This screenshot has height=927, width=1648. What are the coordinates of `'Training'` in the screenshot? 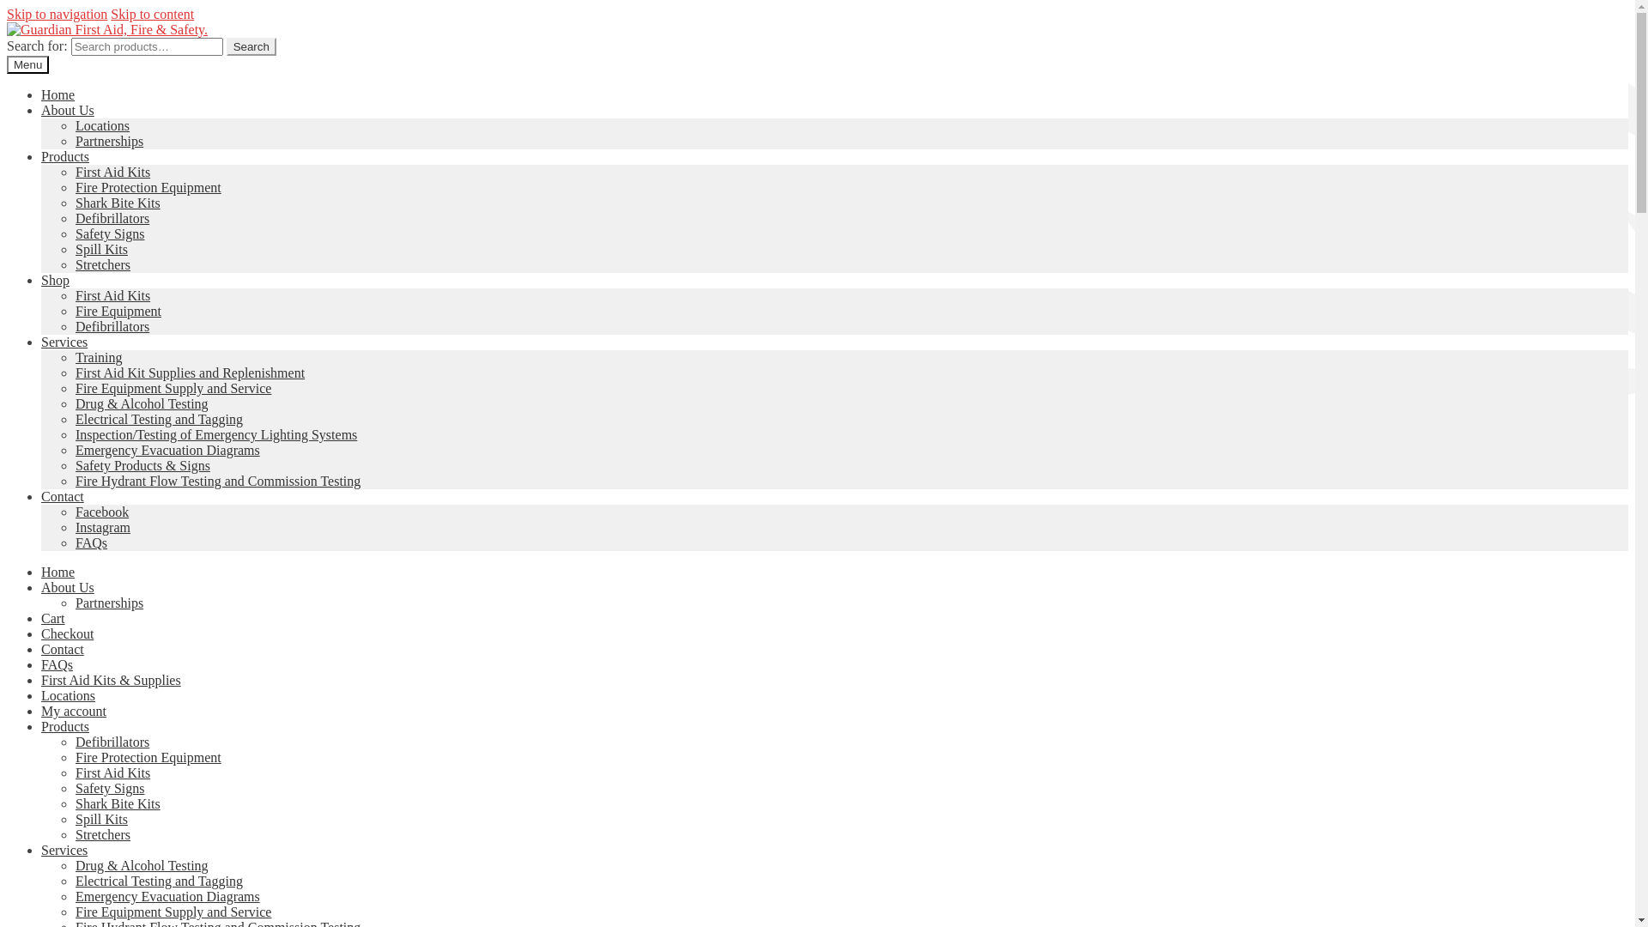 It's located at (98, 356).